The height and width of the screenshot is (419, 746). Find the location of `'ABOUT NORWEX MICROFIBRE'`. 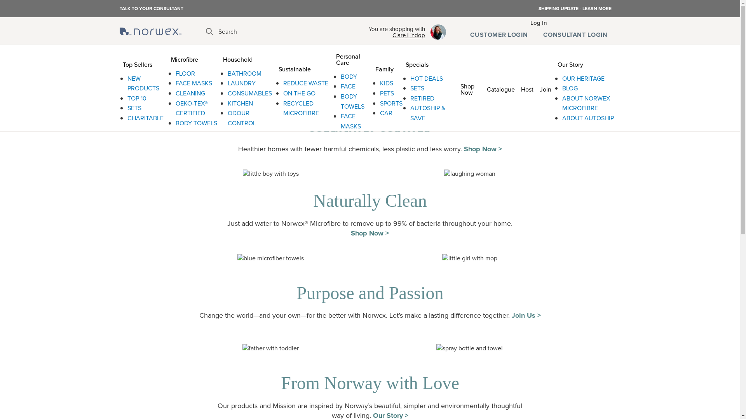

'ABOUT NORWEX MICROFIBRE' is located at coordinates (562, 103).